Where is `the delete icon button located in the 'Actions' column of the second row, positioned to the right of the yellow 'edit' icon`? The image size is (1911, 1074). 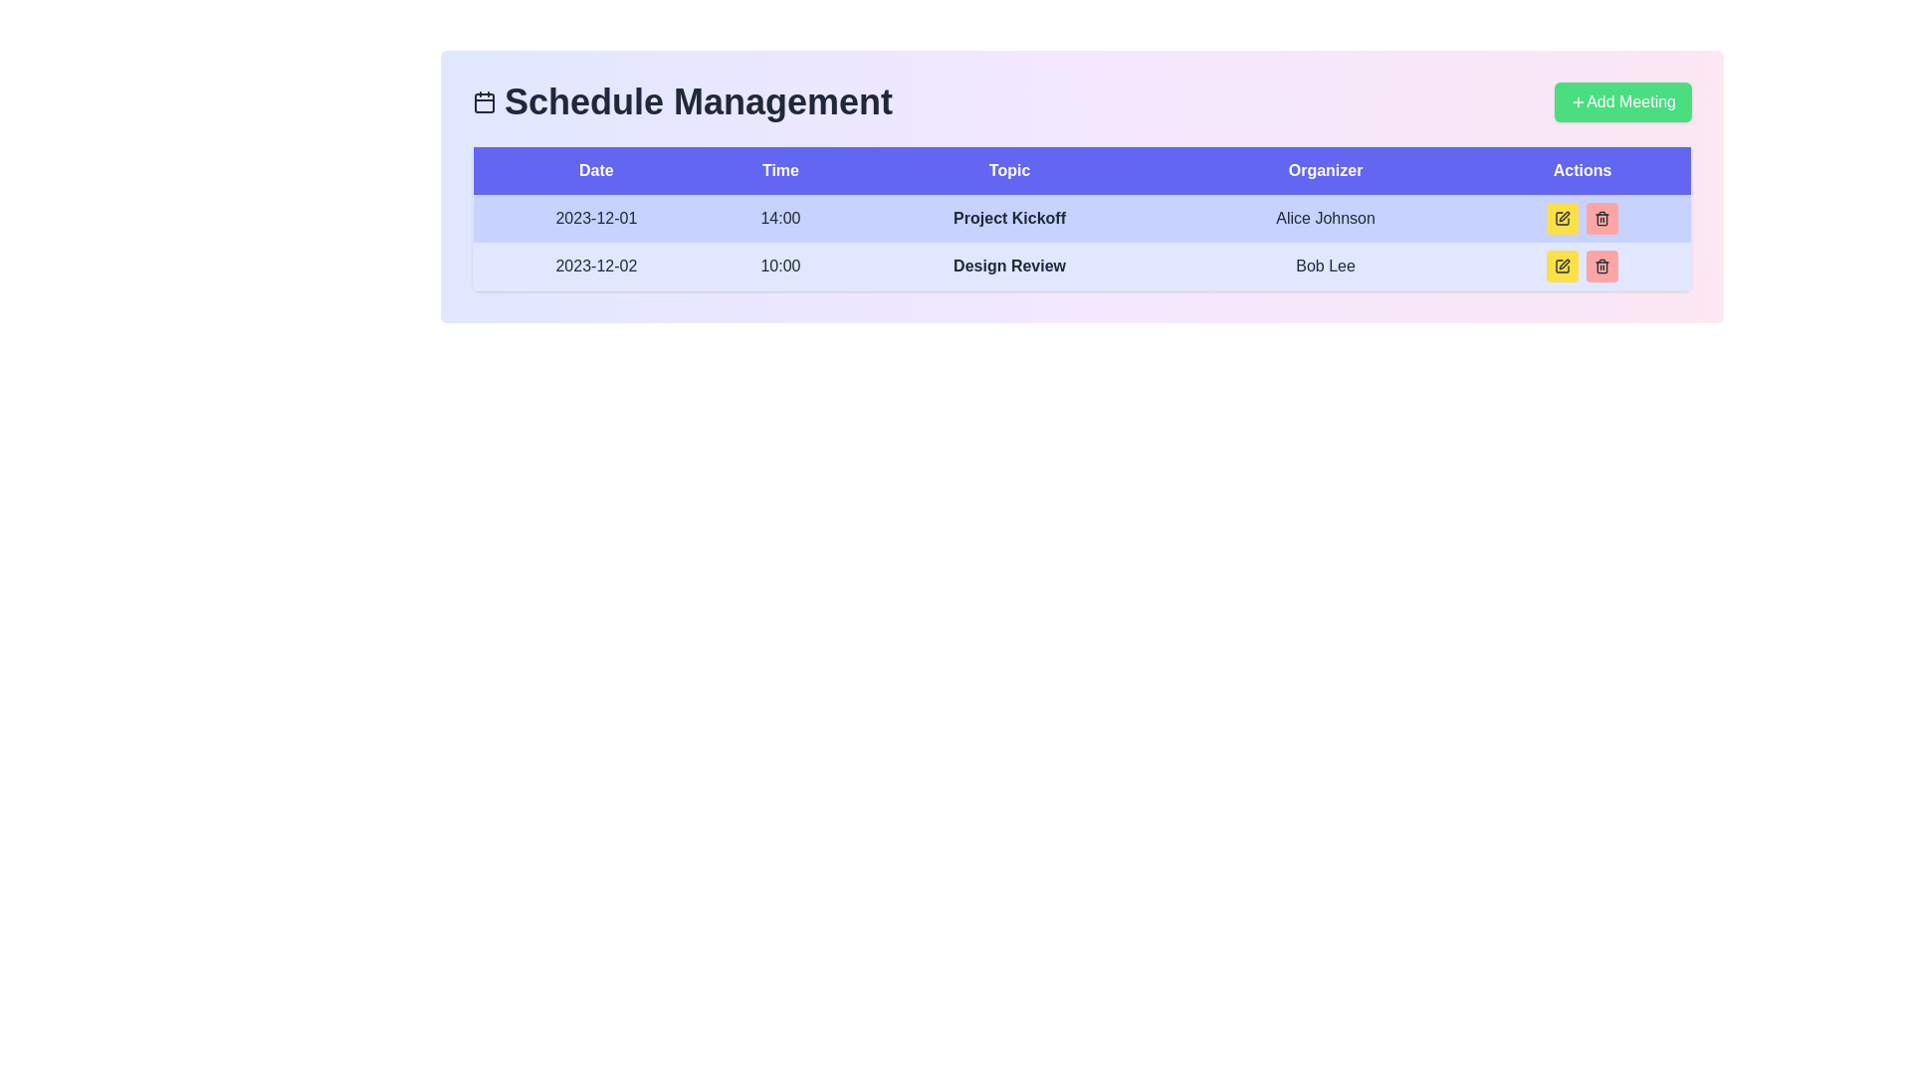 the delete icon button located in the 'Actions' column of the second row, positioned to the right of the yellow 'edit' icon is located at coordinates (1602, 218).